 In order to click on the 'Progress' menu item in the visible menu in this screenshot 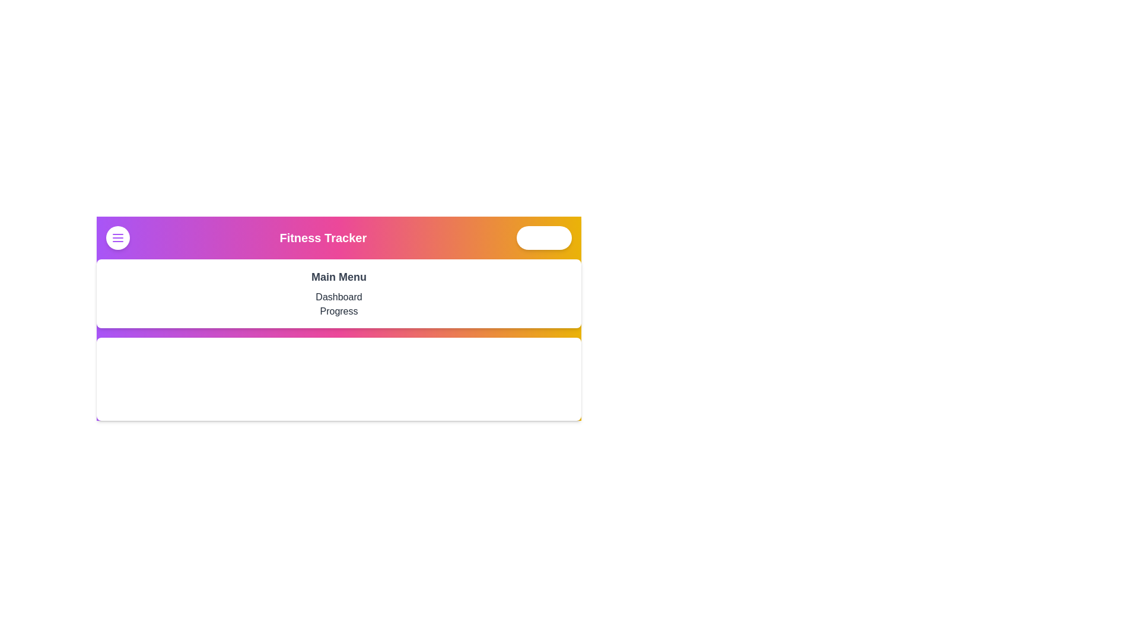, I will do `click(338, 310)`.